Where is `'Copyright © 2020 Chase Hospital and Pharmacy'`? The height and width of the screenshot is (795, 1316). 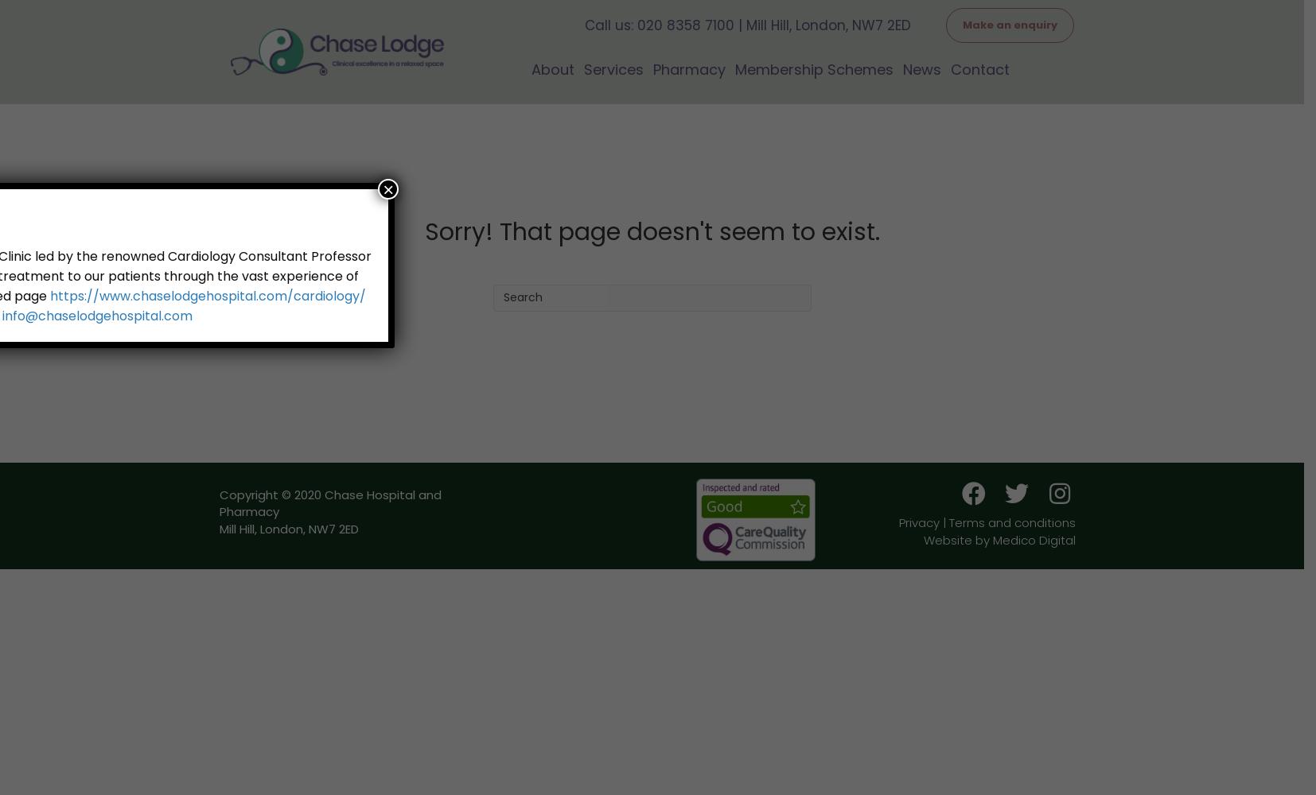 'Copyright © 2020 Chase Hospital and Pharmacy' is located at coordinates (218, 502).